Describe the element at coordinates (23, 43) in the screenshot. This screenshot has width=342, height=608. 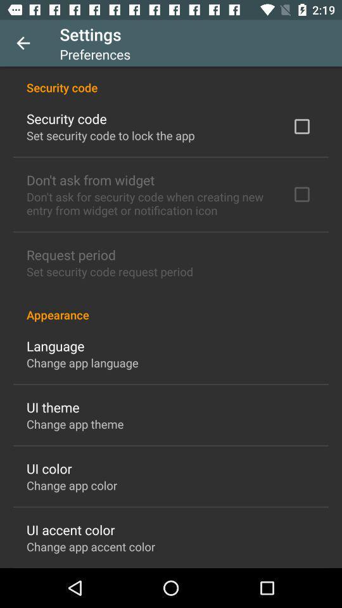
I see `item next to the settings icon` at that location.